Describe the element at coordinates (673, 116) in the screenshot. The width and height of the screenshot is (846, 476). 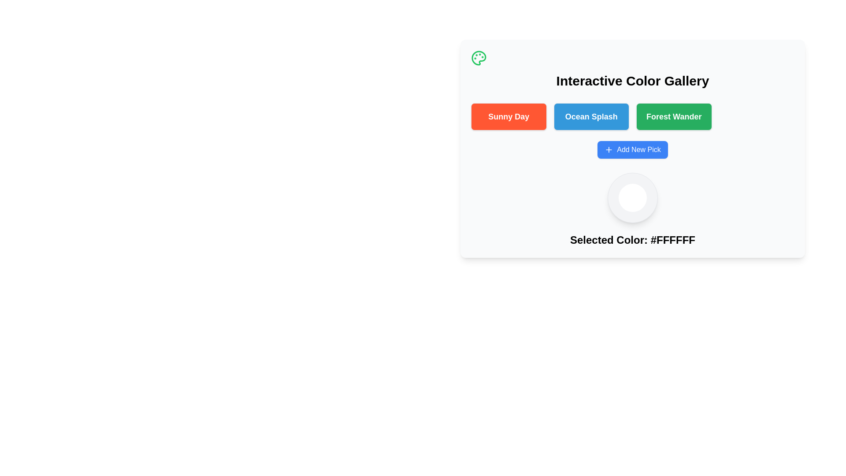
I see `the 'Forest Wander' label, which is part of an interactive button element positioned third from the left in a horizontal array of buttons` at that location.